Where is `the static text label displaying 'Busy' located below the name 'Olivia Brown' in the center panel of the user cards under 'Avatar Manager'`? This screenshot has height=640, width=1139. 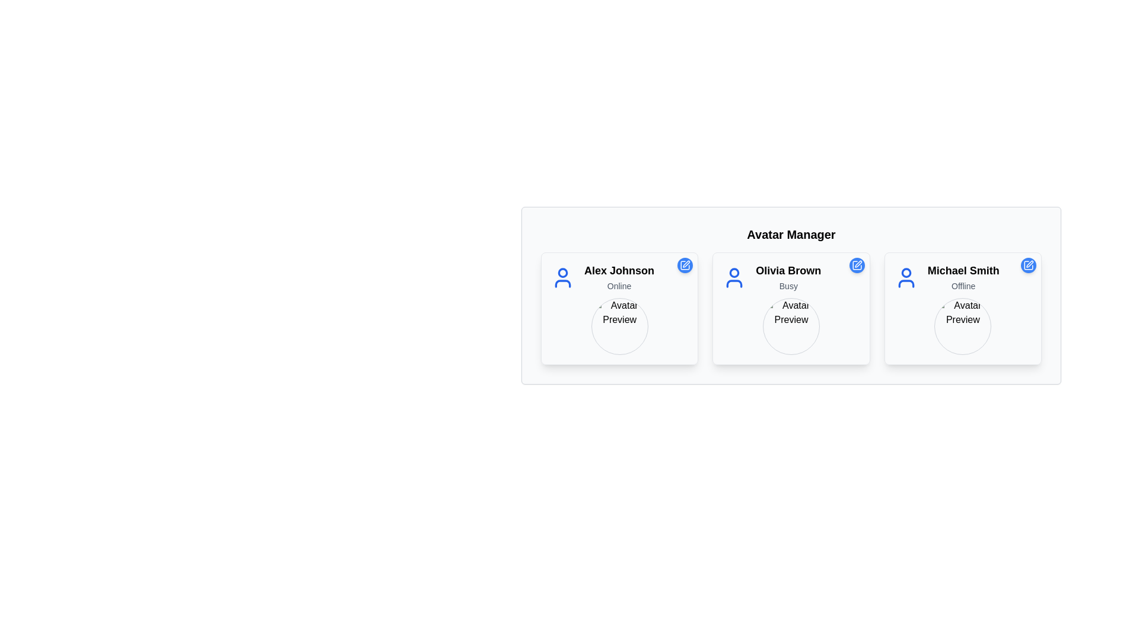
the static text label displaying 'Busy' located below the name 'Olivia Brown' in the center panel of the user cards under 'Avatar Manager' is located at coordinates (788, 286).